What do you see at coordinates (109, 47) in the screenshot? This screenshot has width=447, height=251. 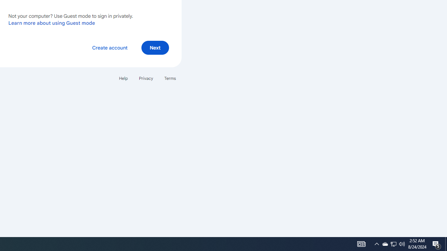 I see `'Create account'` at bounding box center [109, 47].